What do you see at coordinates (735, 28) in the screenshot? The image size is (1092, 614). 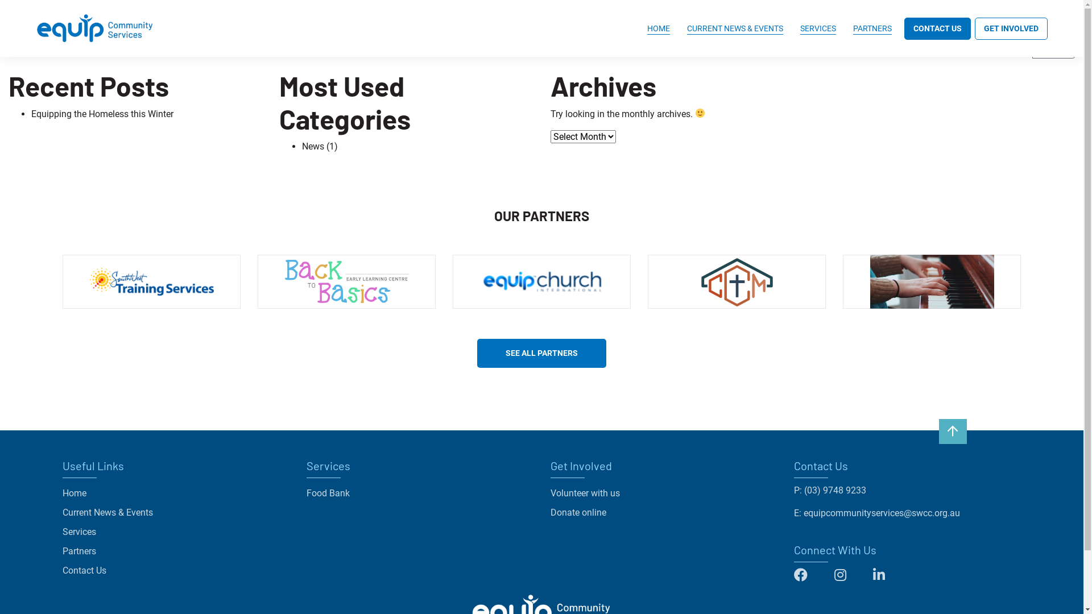 I see `'CURRENT NEWS & EVENTS'` at bounding box center [735, 28].